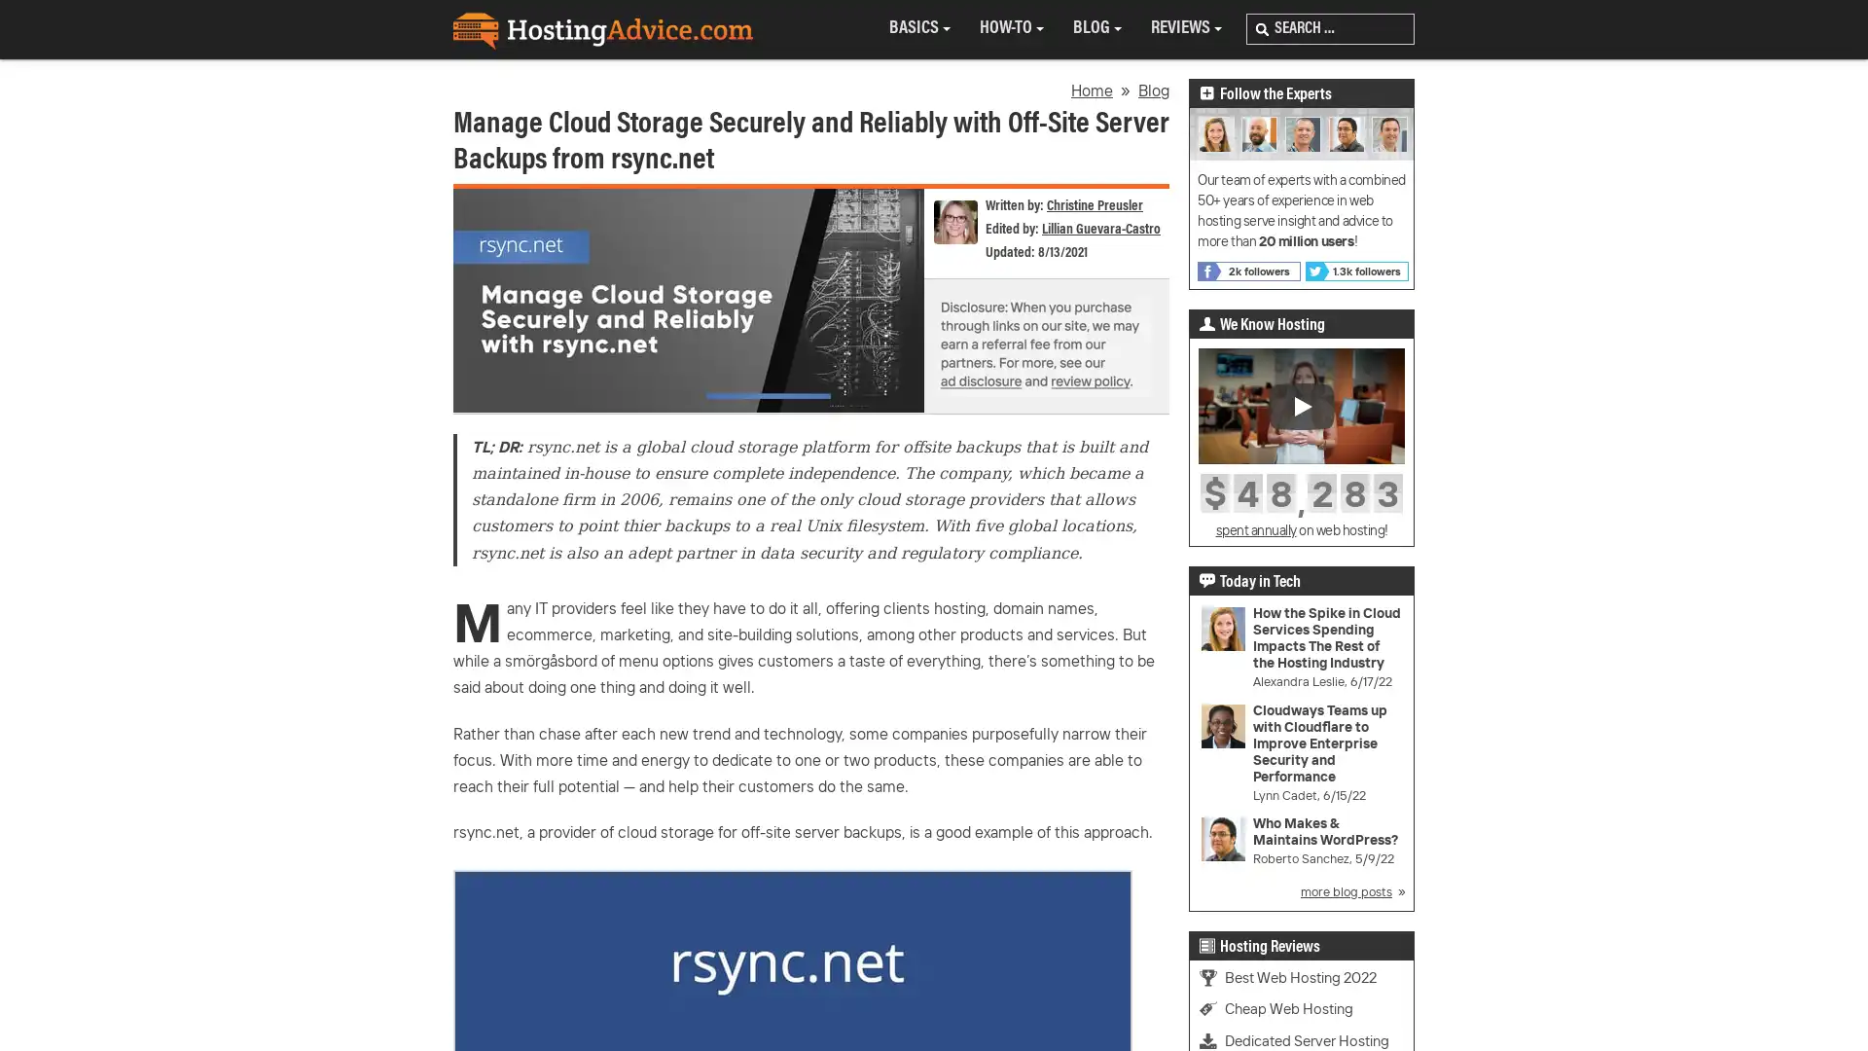 The image size is (1868, 1051). Describe the element at coordinates (1302, 404) in the screenshot. I see `Play` at that location.